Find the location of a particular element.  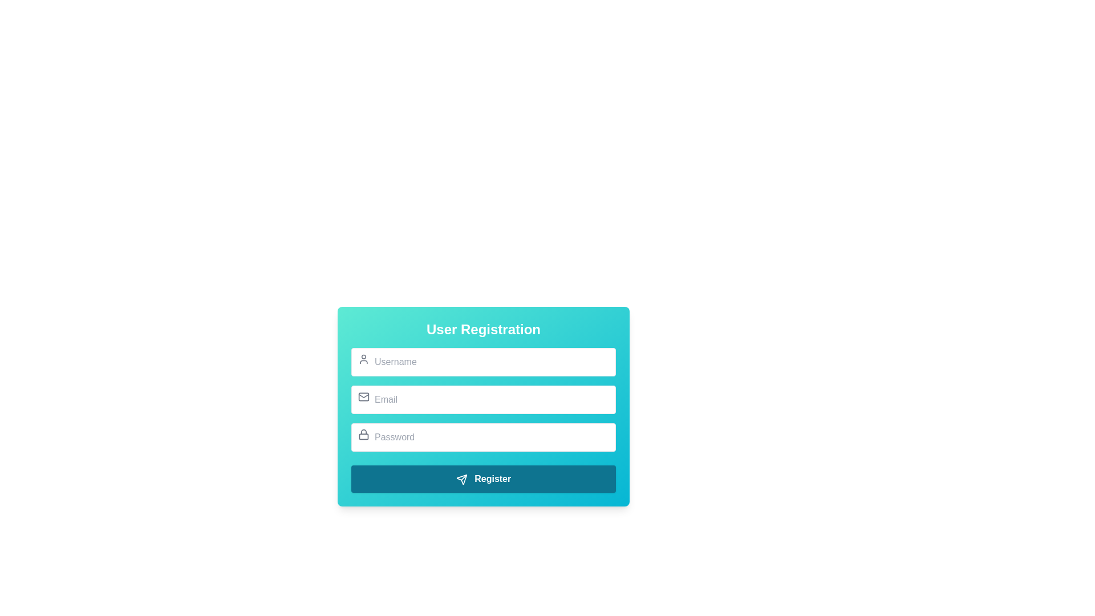

the user profile icon with a gray outline located to the left of the 'Username' input field is located at coordinates (363, 358).